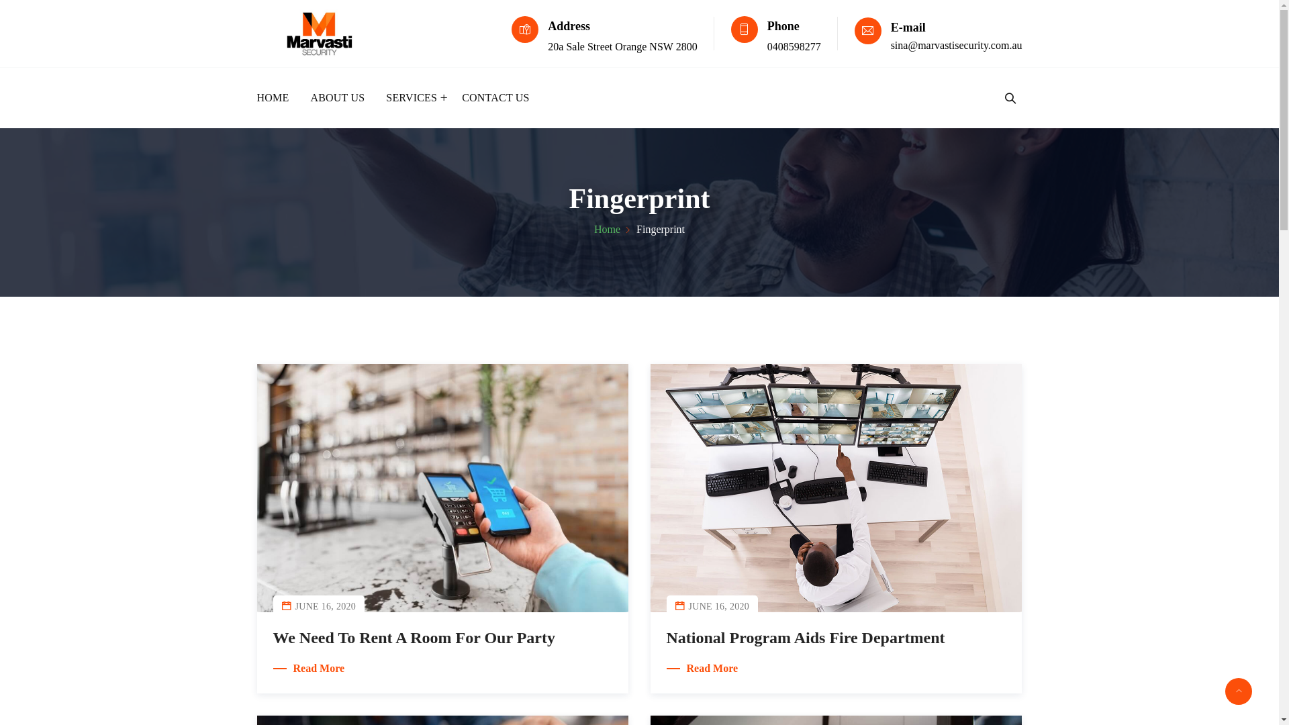  I want to click on 'HOME', so click(277, 97).